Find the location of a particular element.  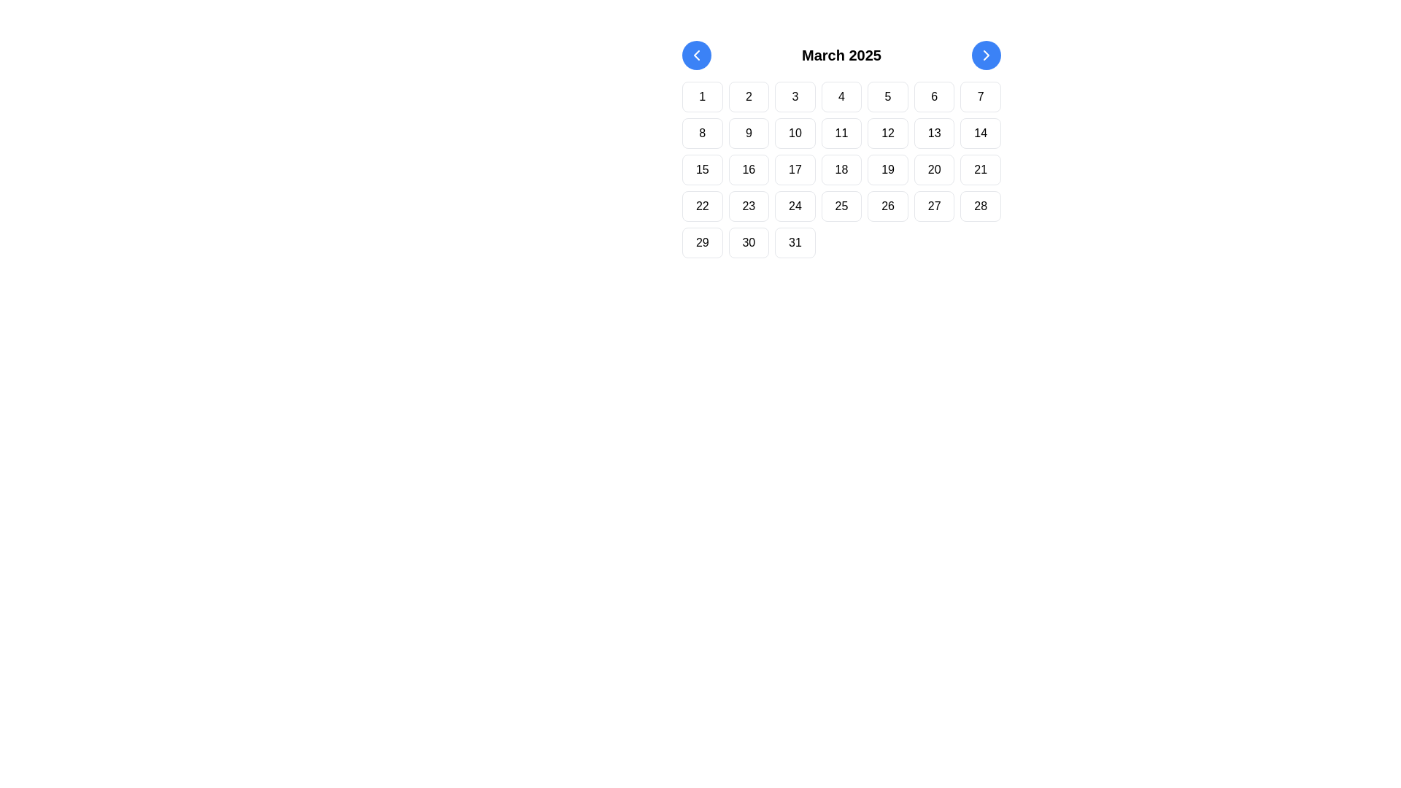

the button located immediately left of the header text 'March 2025' is located at coordinates (696, 55).